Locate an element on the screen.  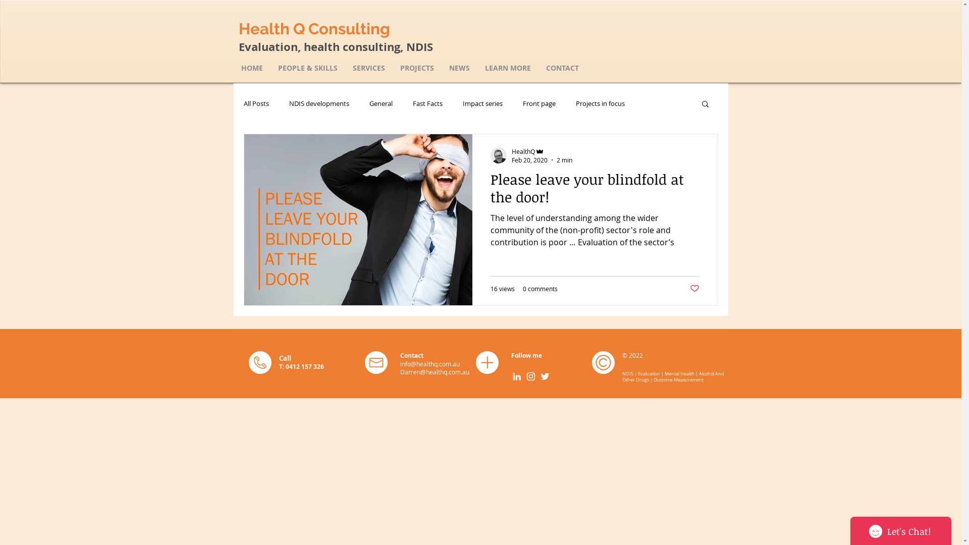
'Post not marked as liked' is located at coordinates (693, 288).